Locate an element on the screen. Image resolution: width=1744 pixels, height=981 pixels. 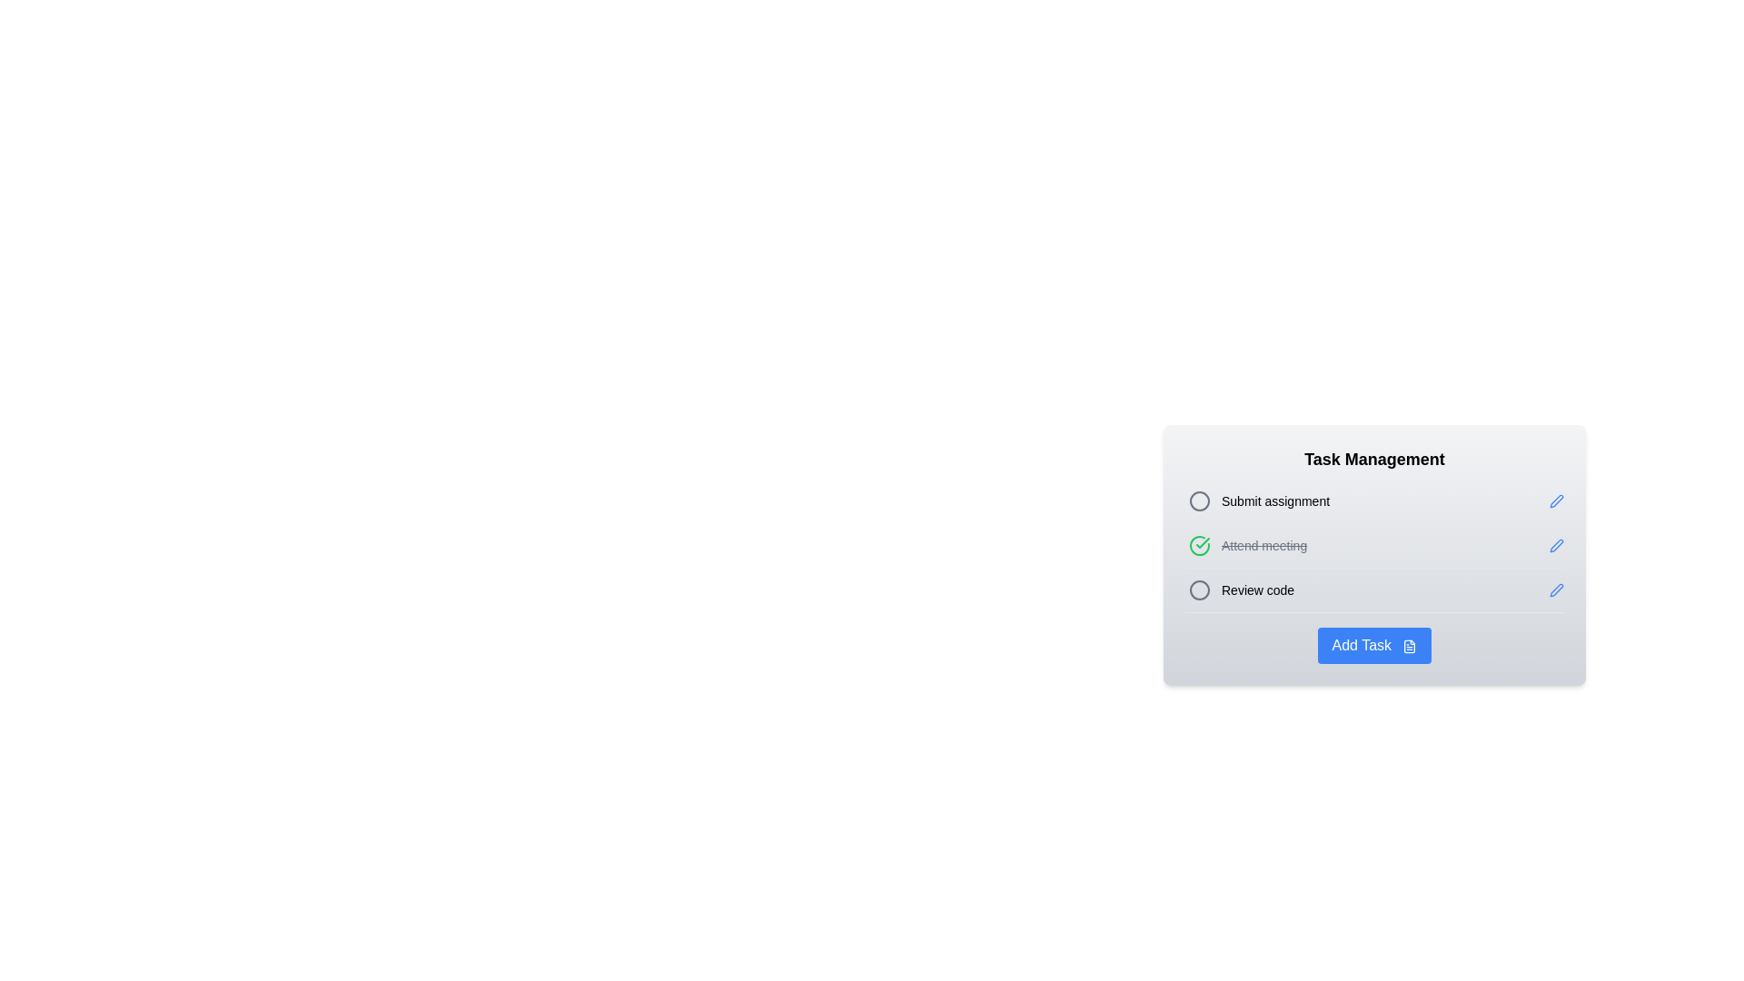
the 'Submit assignment' list item with a selectable indicator located in the 'Task Management' section is located at coordinates (1256, 500).